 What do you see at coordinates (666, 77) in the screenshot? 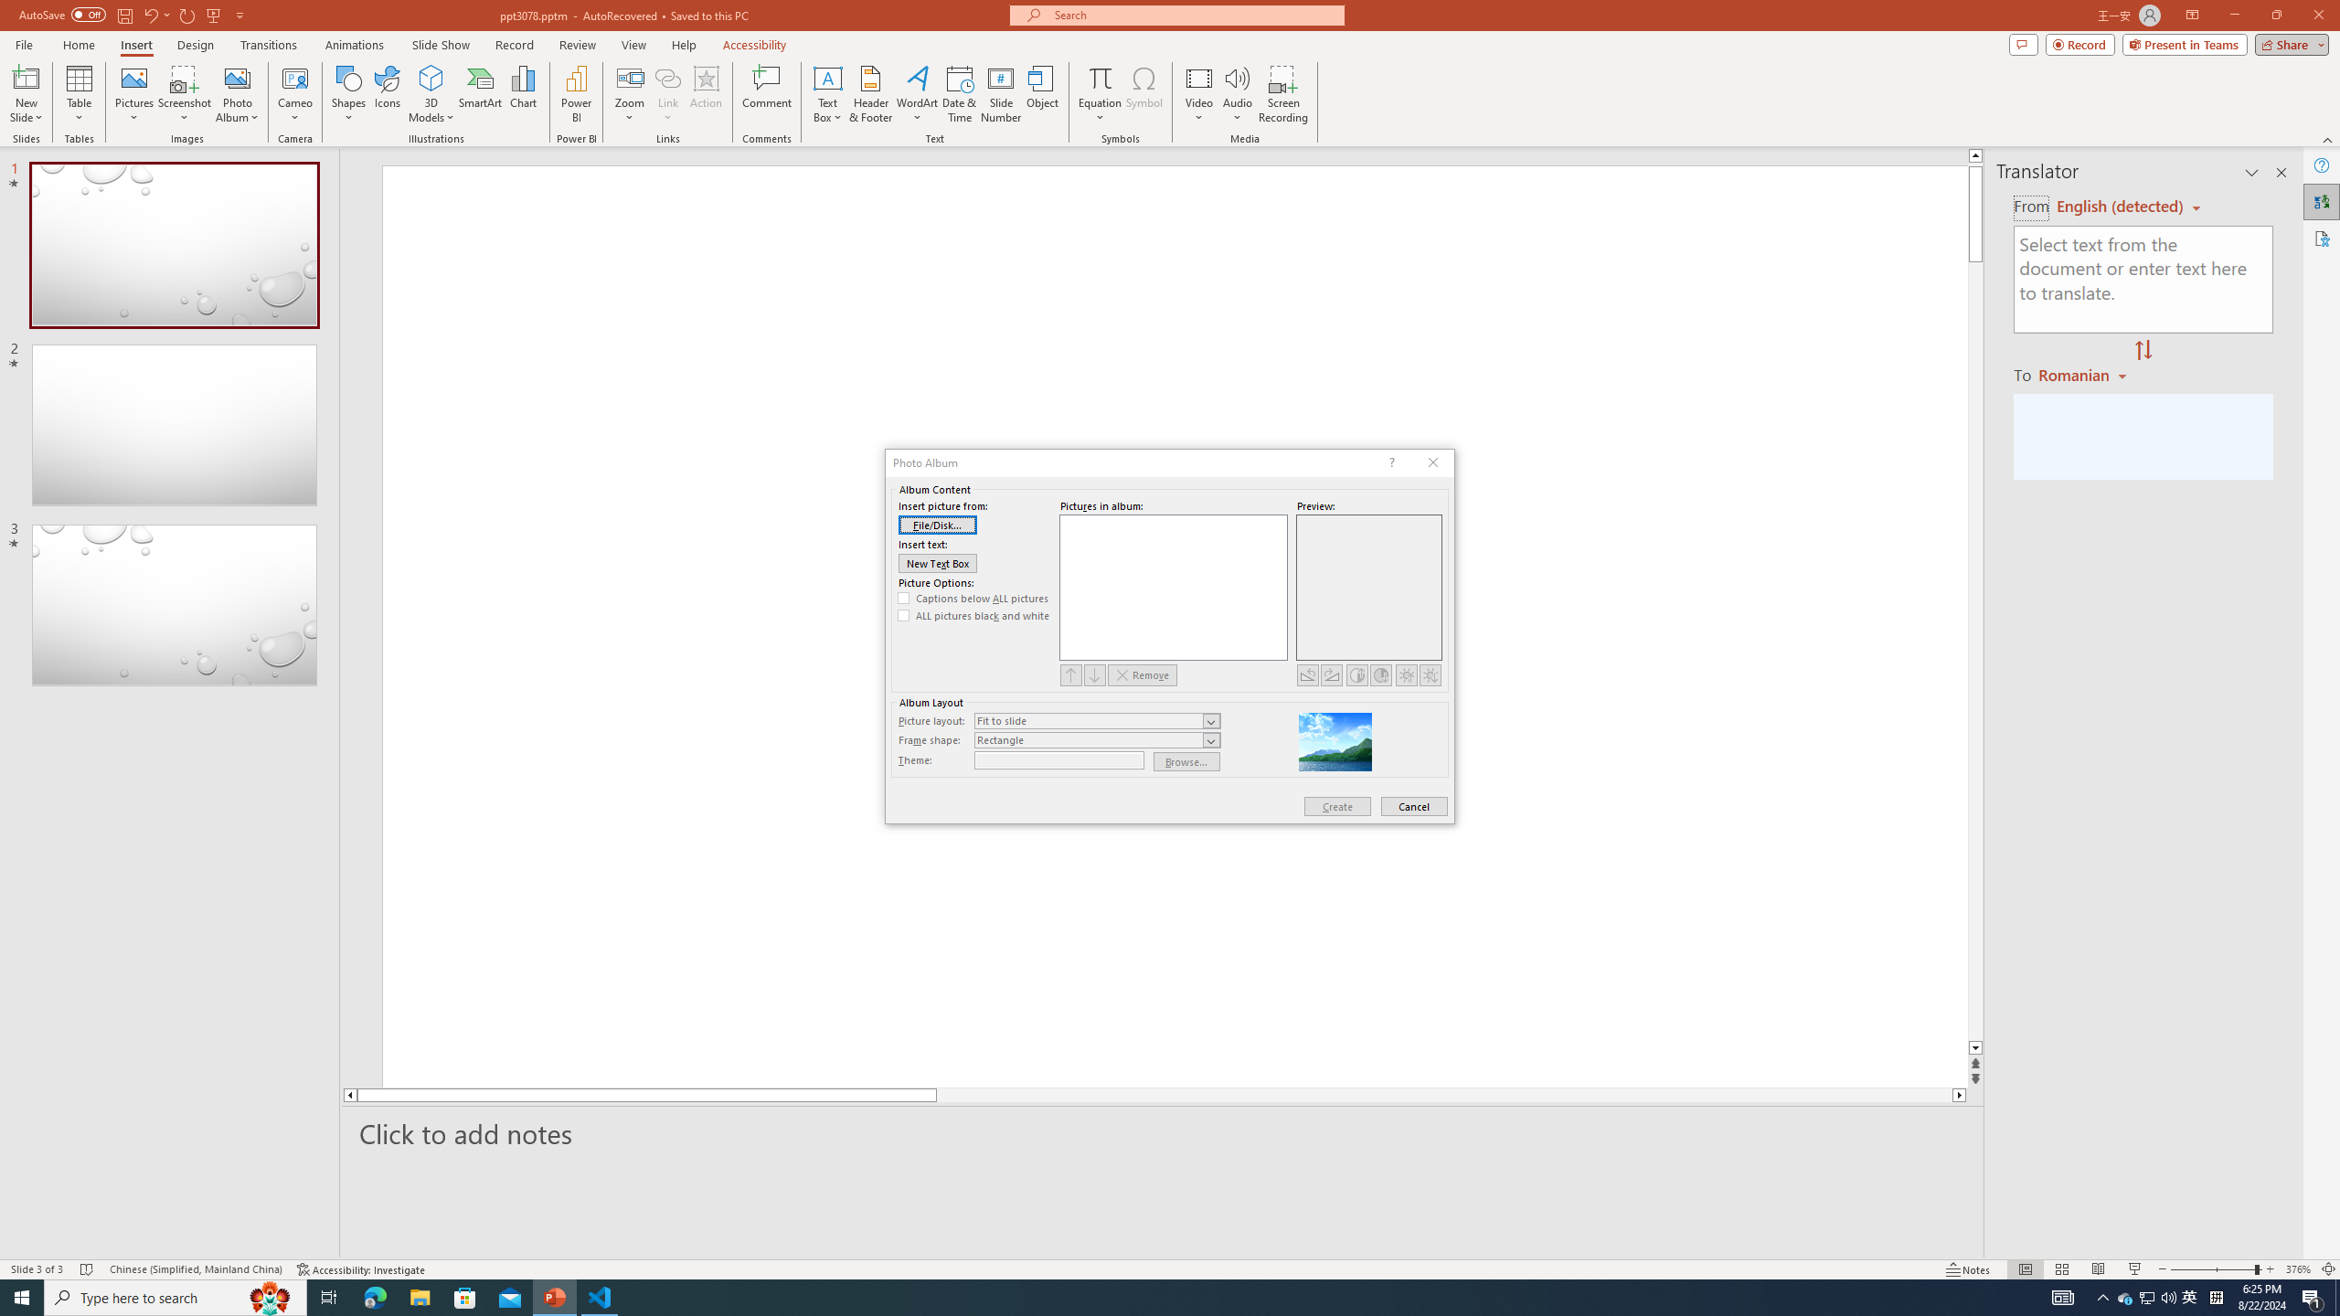
I see `'Link'` at bounding box center [666, 77].